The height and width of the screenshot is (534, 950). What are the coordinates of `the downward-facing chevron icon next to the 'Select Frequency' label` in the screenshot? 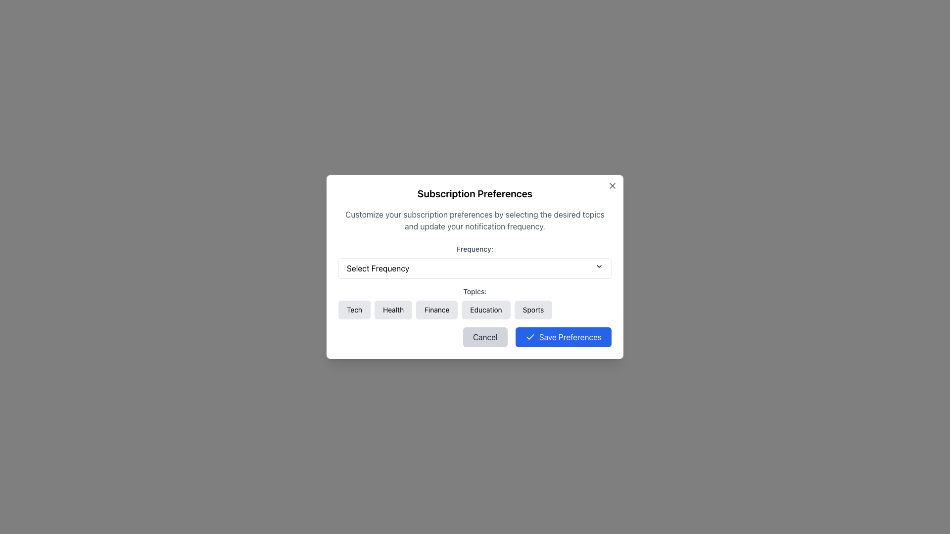 It's located at (598, 266).